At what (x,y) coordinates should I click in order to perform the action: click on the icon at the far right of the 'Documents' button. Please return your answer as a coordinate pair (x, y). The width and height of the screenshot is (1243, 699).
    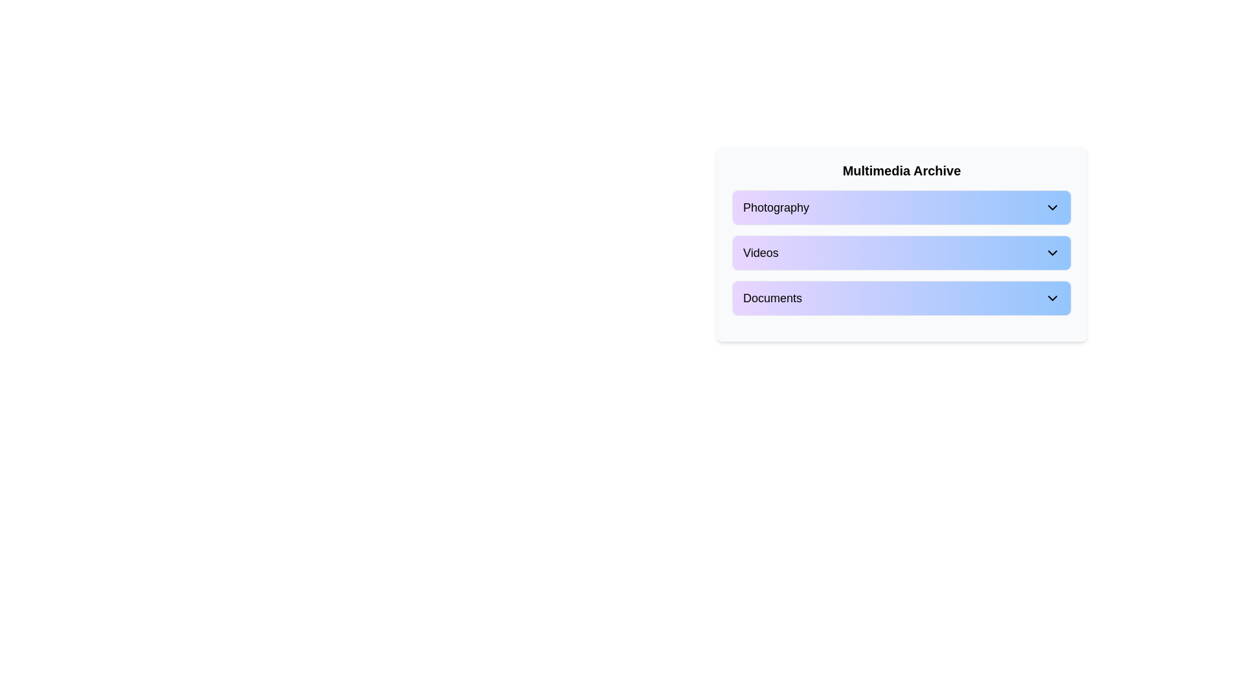
    Looking at the image, I should click on (1053, 298).